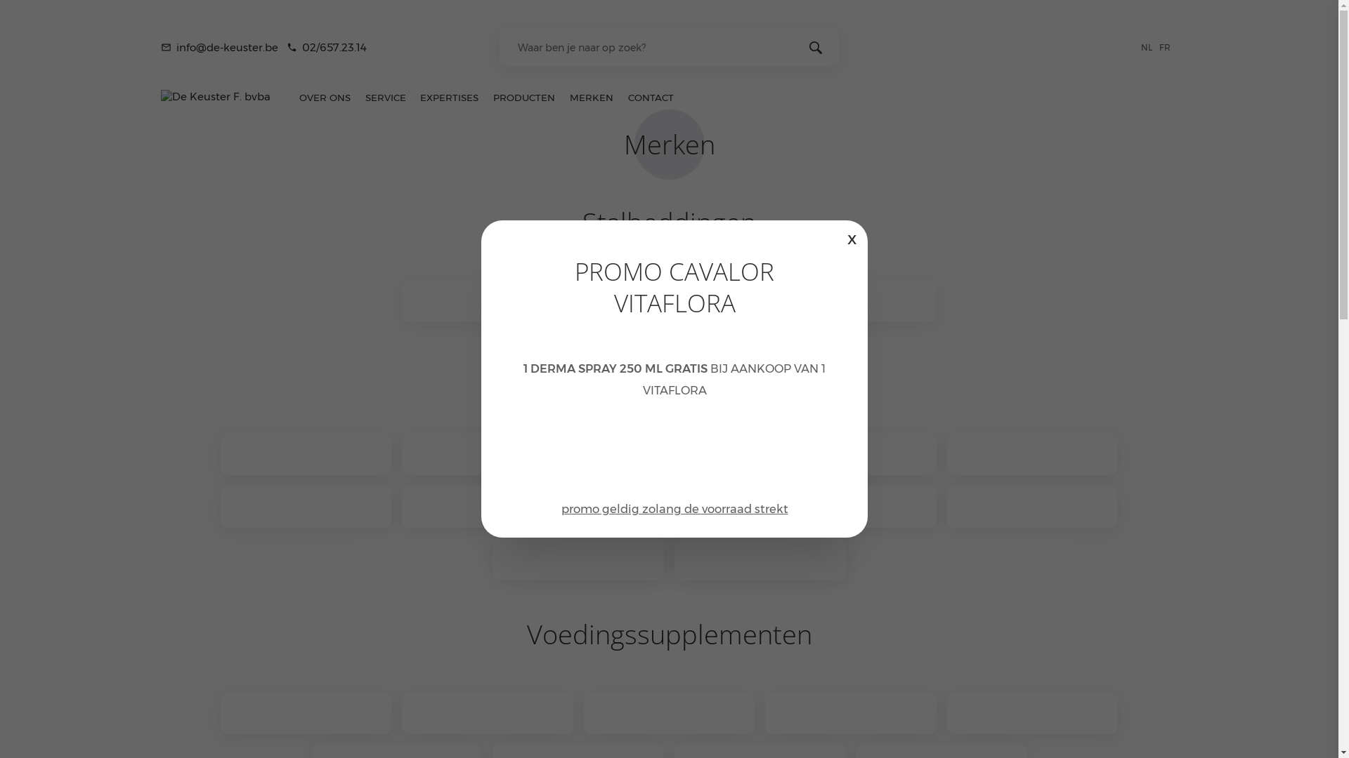 The height and width of the screenshot is (758, 1349). Describe the element at coordinates (161, 95) in the screenshot. I see `'De Keuster F. bvba'` at that location.